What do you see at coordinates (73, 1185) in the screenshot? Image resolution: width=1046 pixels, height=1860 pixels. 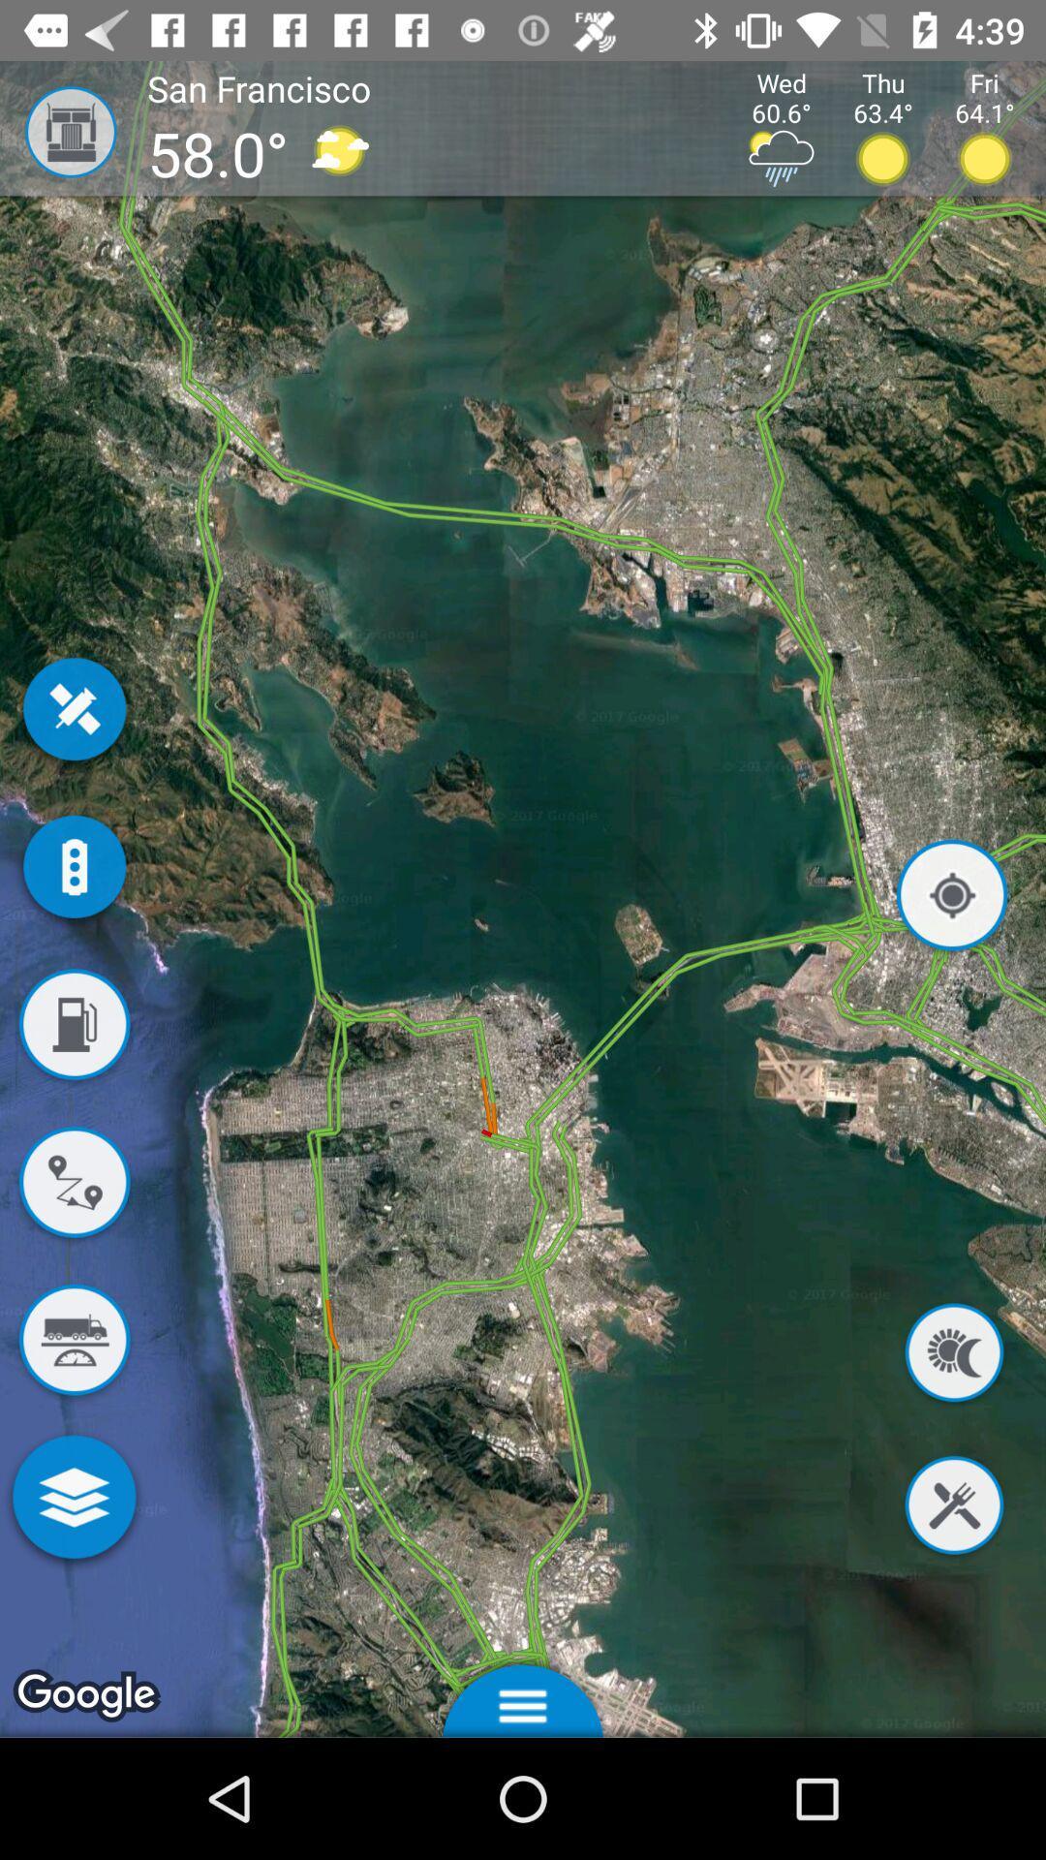 I see `directions` at bounding box center [73, 1185].